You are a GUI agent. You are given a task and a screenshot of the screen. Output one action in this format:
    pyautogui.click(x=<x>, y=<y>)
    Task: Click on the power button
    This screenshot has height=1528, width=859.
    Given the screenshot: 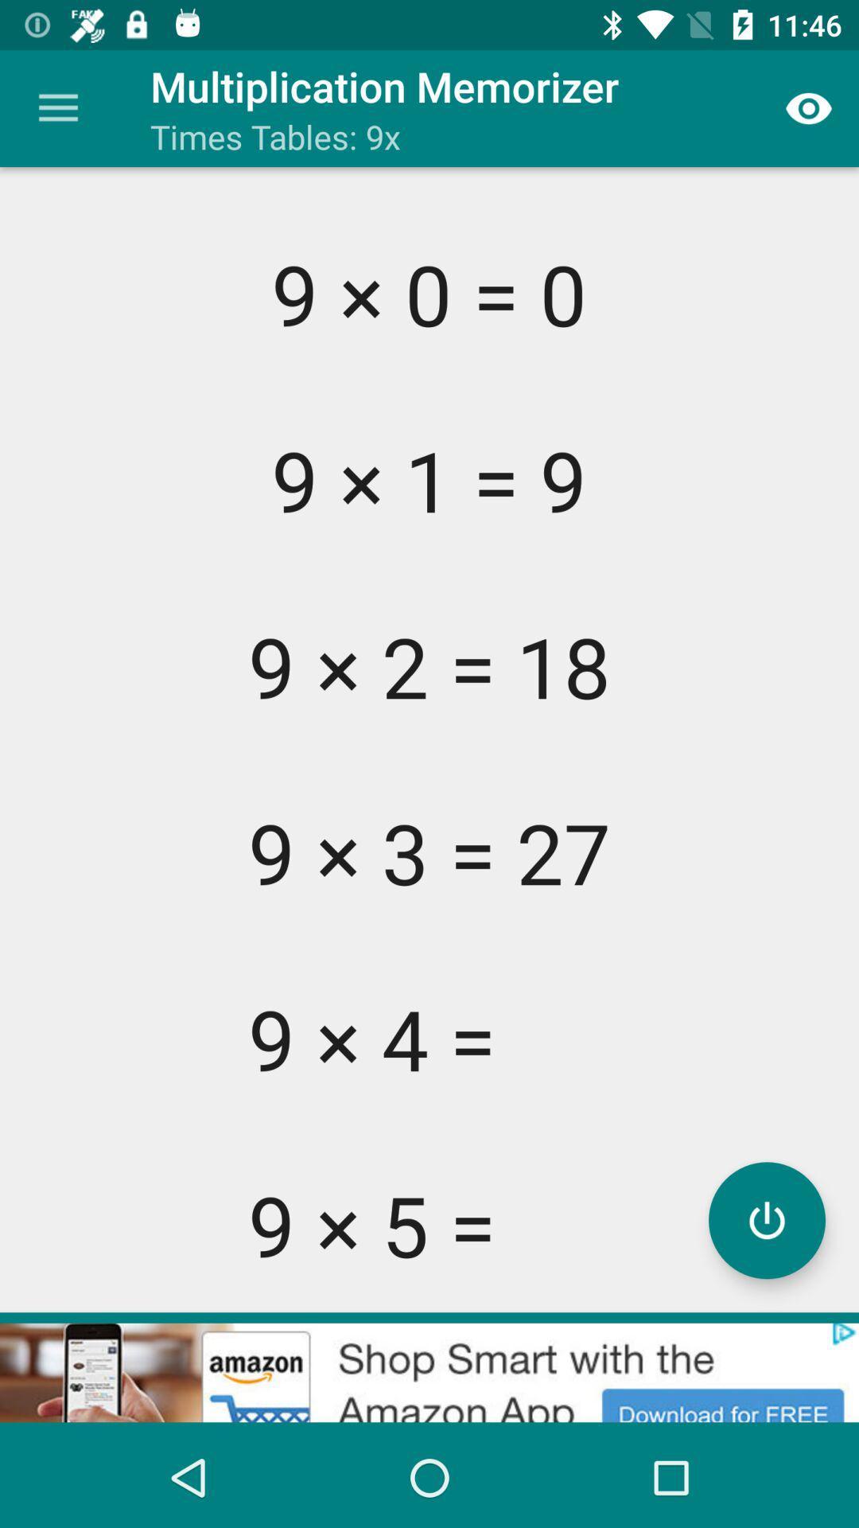 What is the action you would take?
    pyautogui.click(x=766, y=1219)
    